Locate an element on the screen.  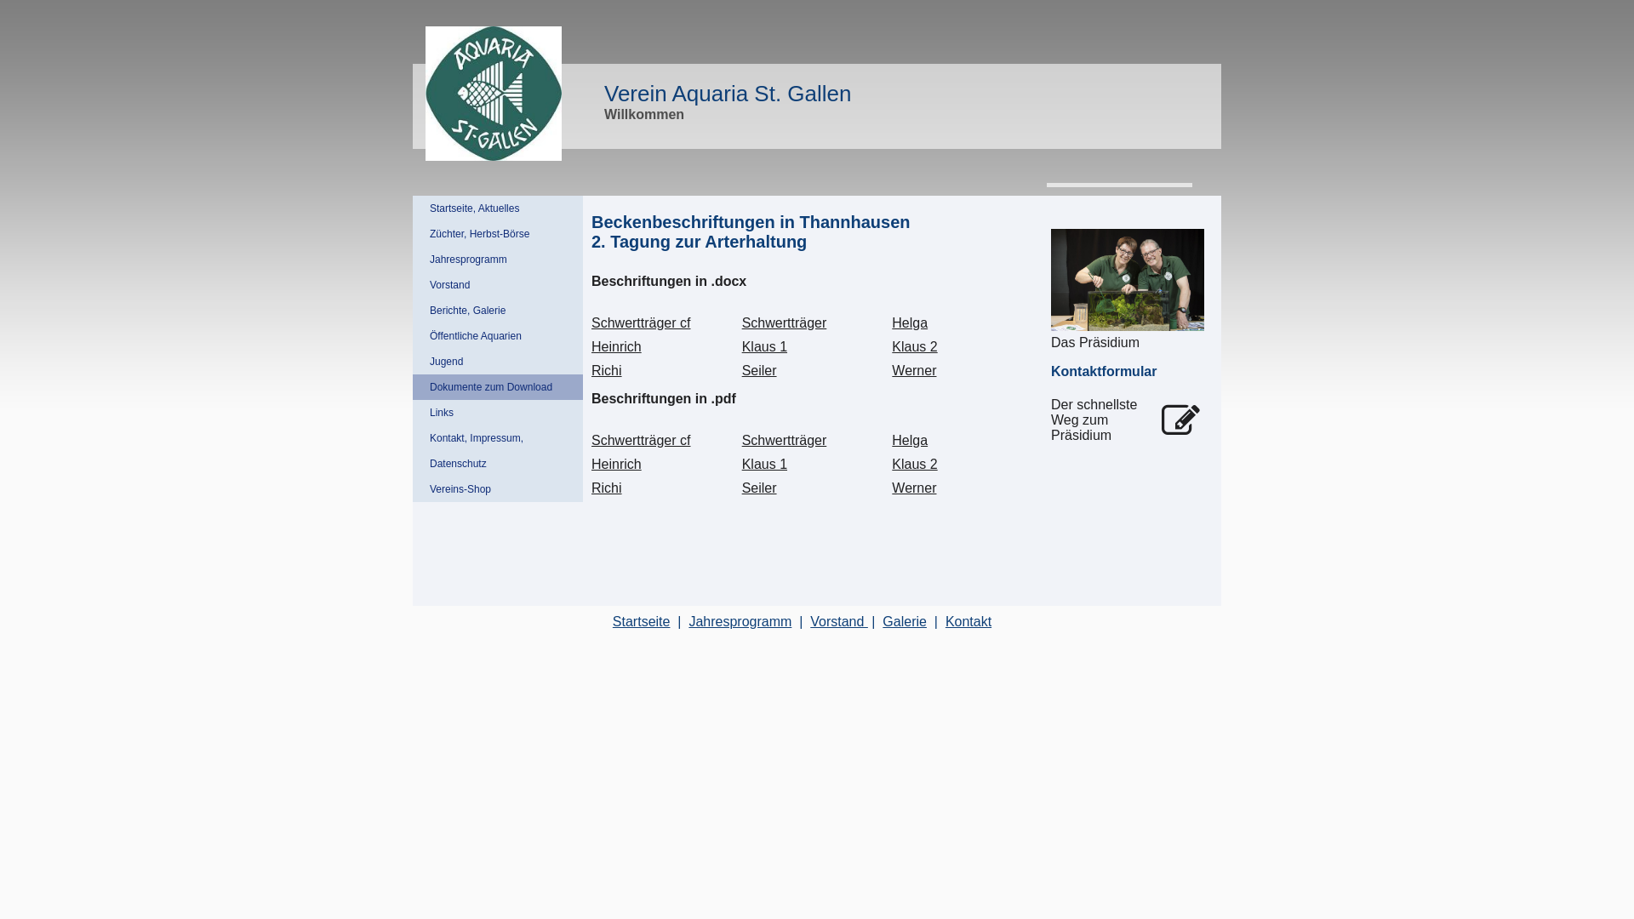
'Seiler' is located at coordinates (758, 369).